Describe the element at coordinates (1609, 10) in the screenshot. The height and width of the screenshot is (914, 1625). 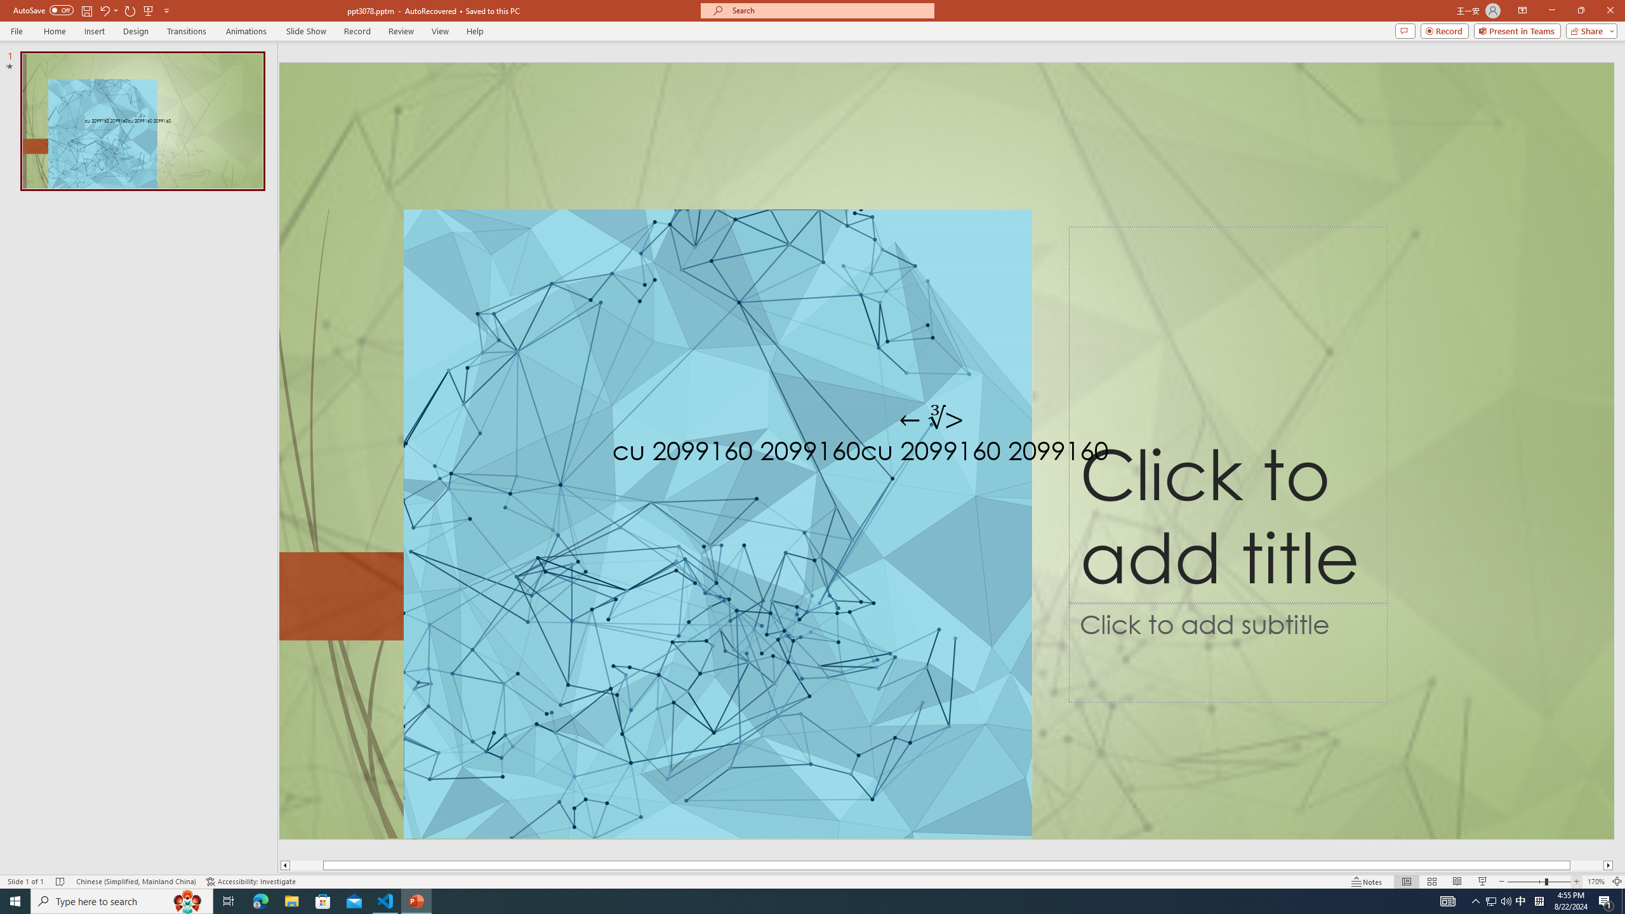
I see `'Close'` at that location.